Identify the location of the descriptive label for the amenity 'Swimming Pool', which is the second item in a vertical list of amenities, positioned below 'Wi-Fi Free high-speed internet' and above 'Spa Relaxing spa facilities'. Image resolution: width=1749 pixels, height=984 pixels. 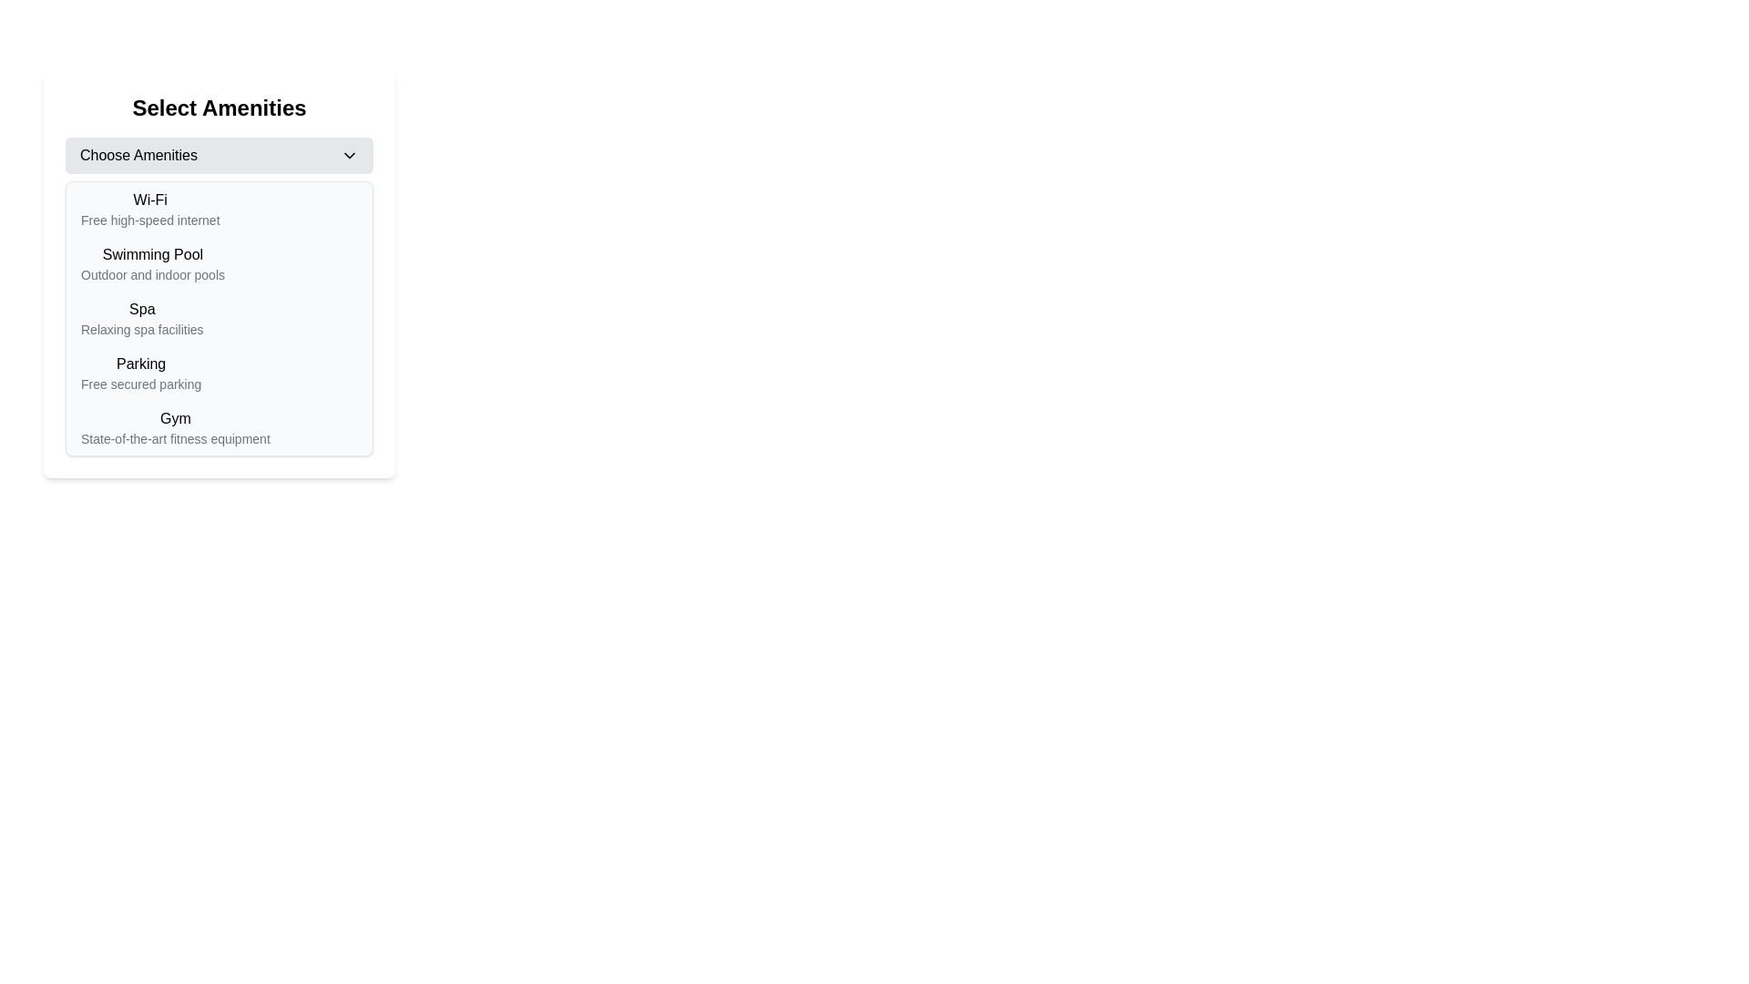
(219, 263).